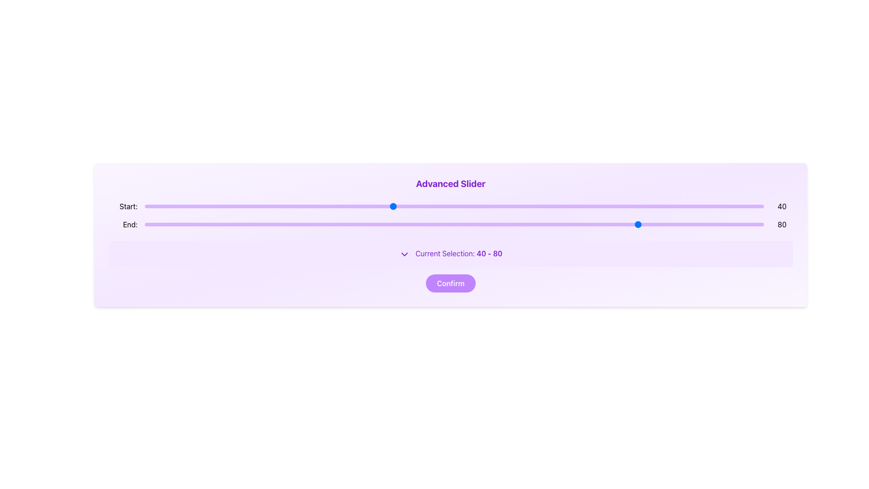 This screenshot has height=489, width=869. What do you see at coordinates (621, 224) in the screenshot?
I see `the slider value` at bounding box center [621, 224].